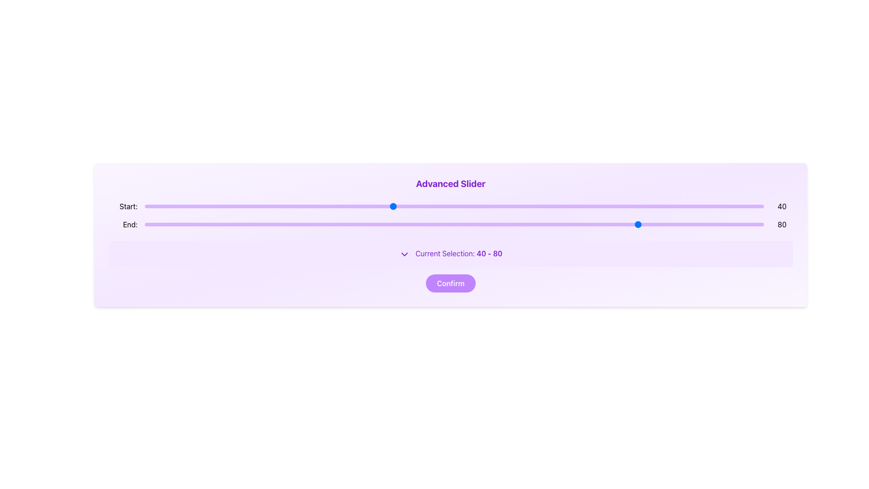 This screenshot has height=489, width=869. What do you see at coordinates (621, 224) in the screenshot?
I see `the slider value` at bounding box center [621, 224].